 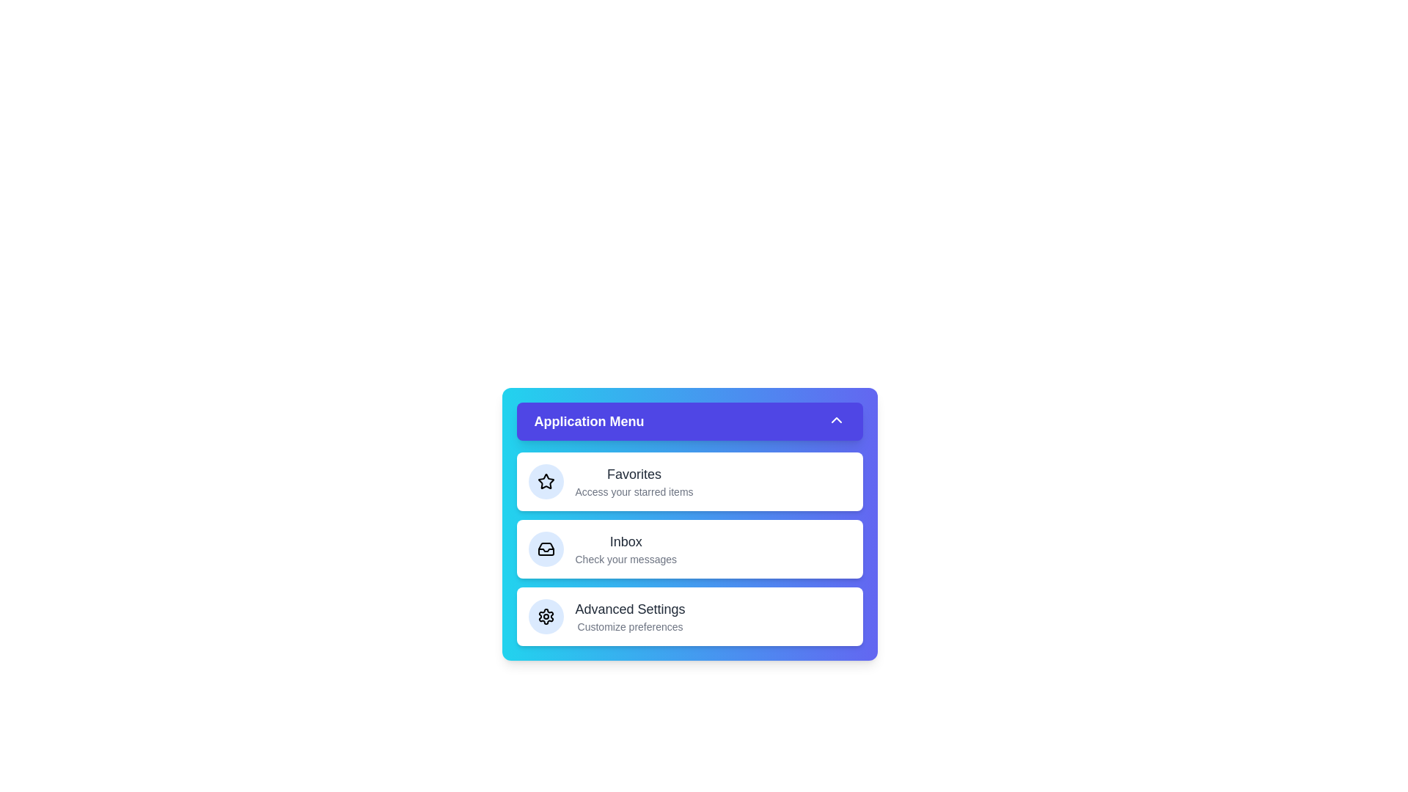 I want to click on the menu item Inbox, so click(x=689, y=549).